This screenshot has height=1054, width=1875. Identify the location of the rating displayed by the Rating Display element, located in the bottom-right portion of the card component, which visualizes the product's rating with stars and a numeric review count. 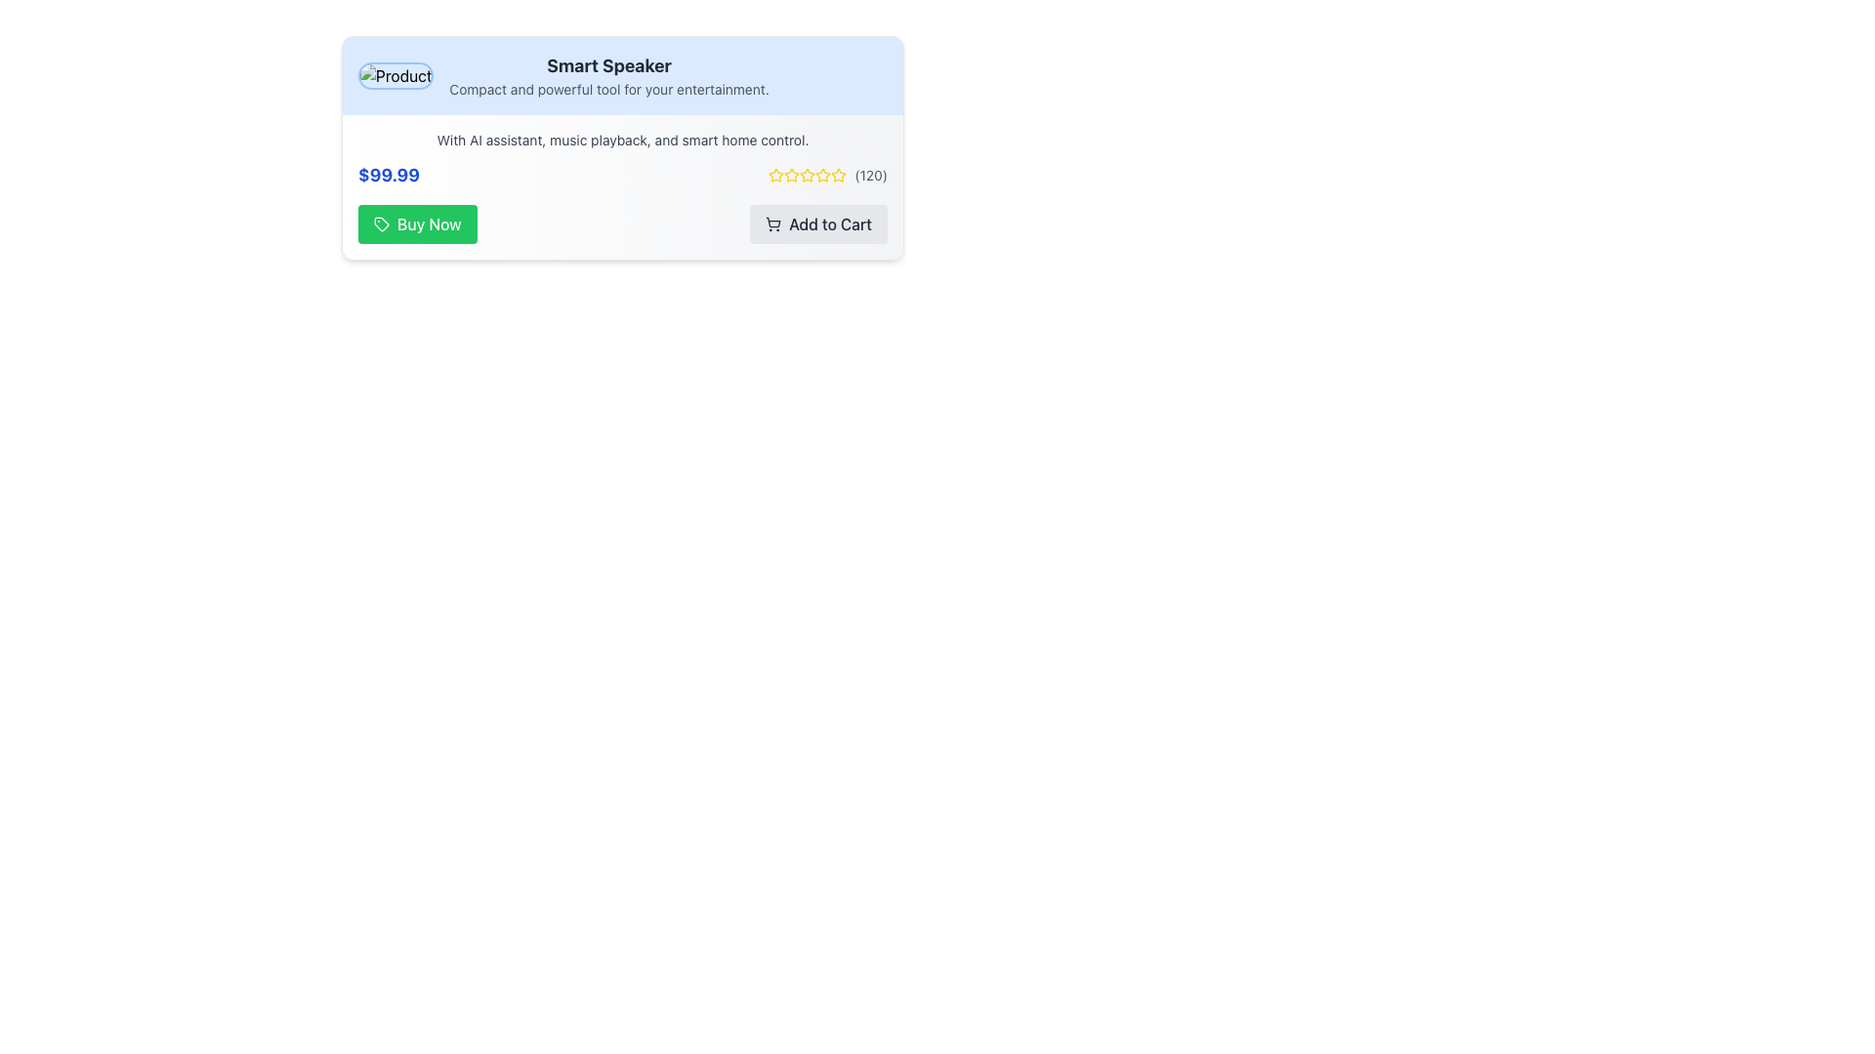
(828, 176).